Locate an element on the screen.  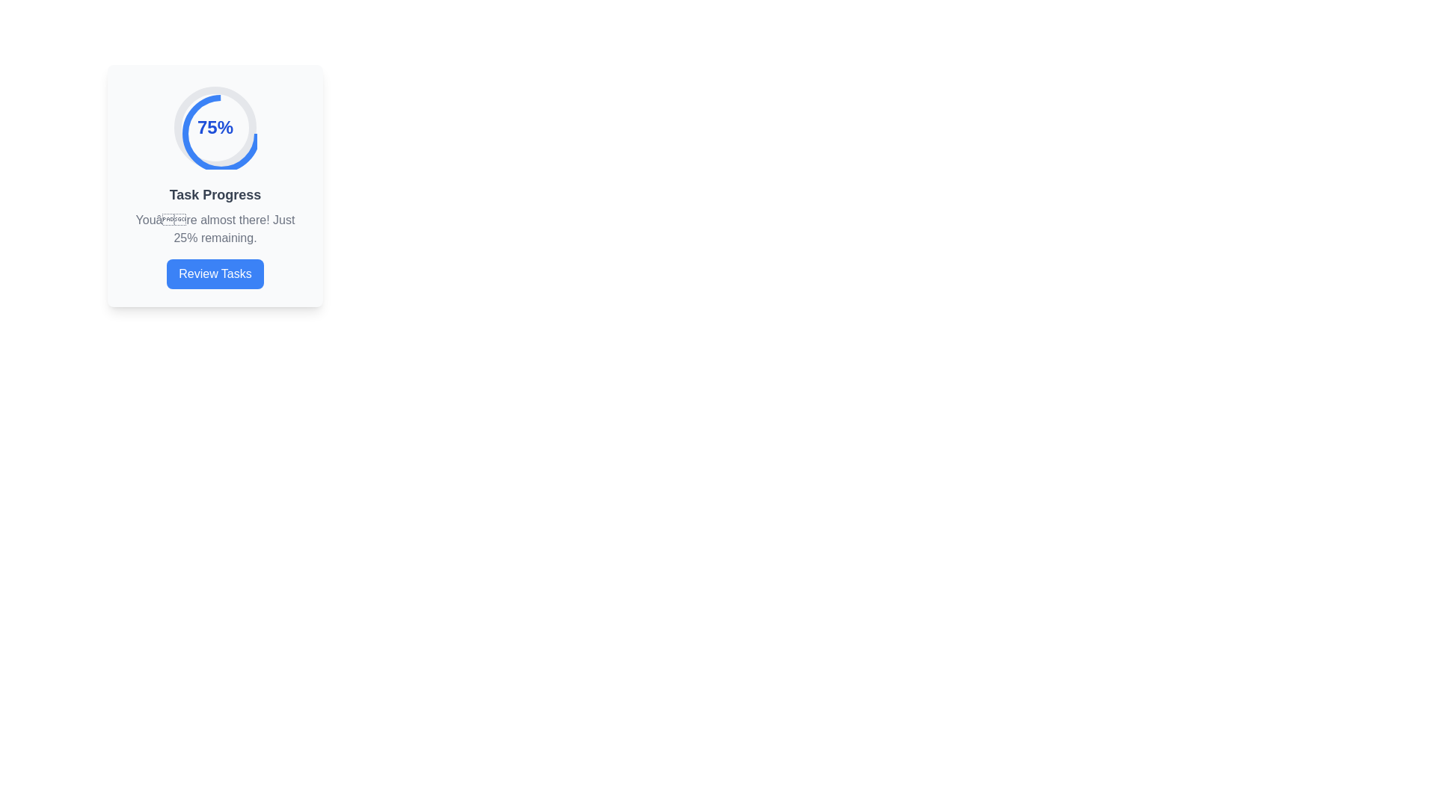
the Circular Progress Indicator displaying '75%' in its center, which is located at the top of a card layout is located at coordinates (215, 126).